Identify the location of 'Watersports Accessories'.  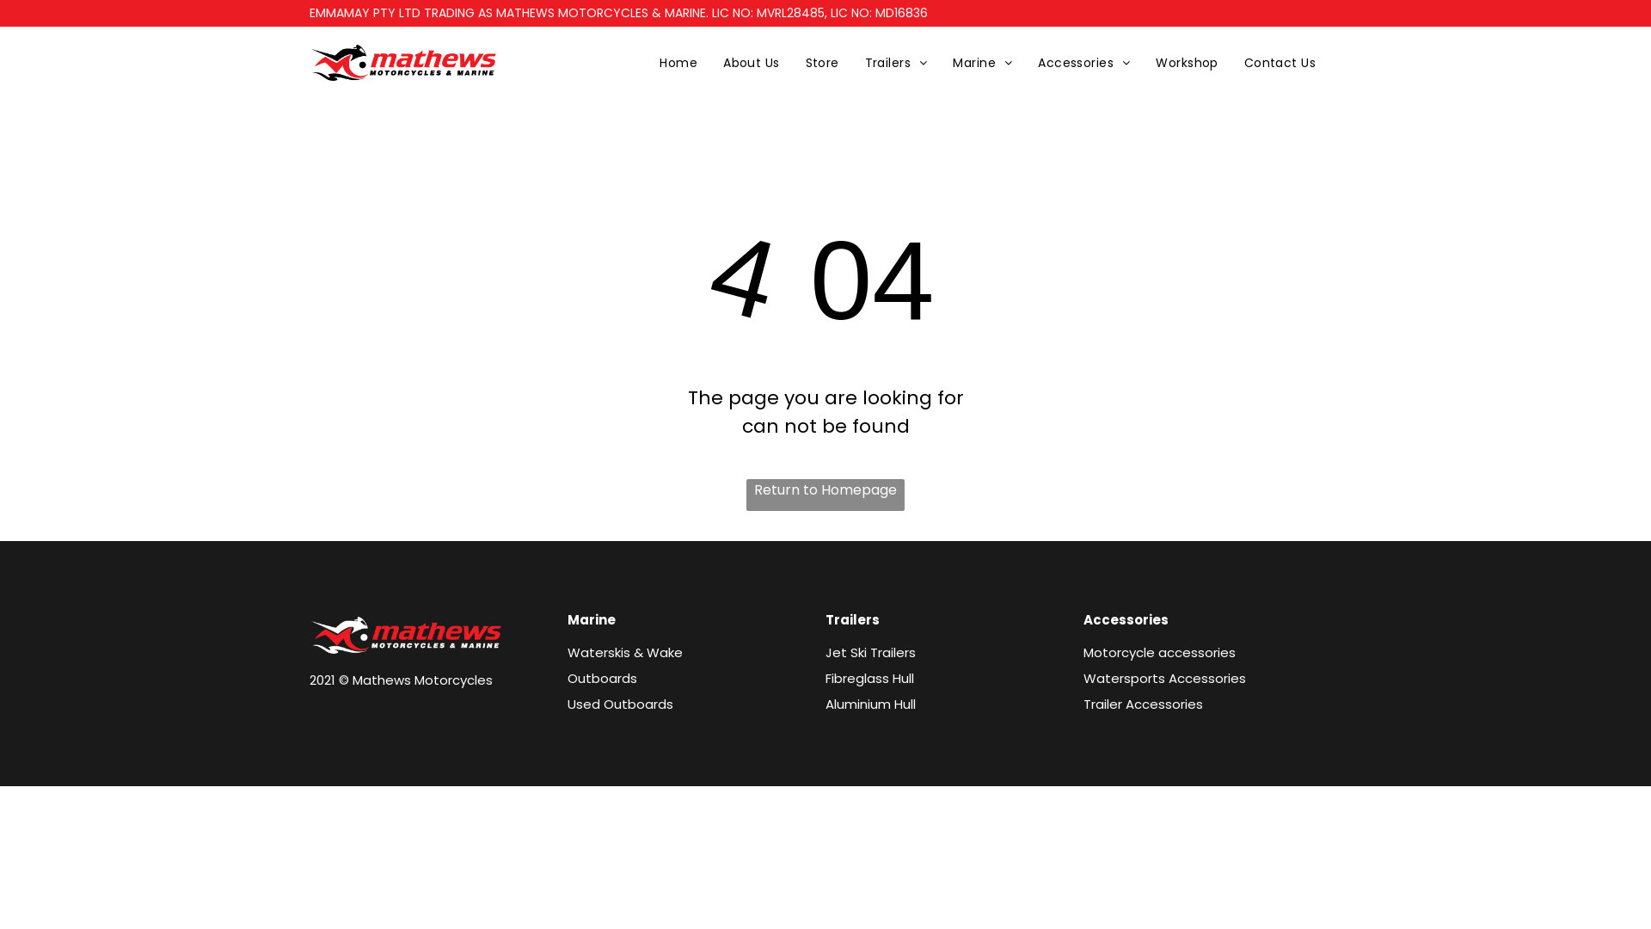
(1164, 677).